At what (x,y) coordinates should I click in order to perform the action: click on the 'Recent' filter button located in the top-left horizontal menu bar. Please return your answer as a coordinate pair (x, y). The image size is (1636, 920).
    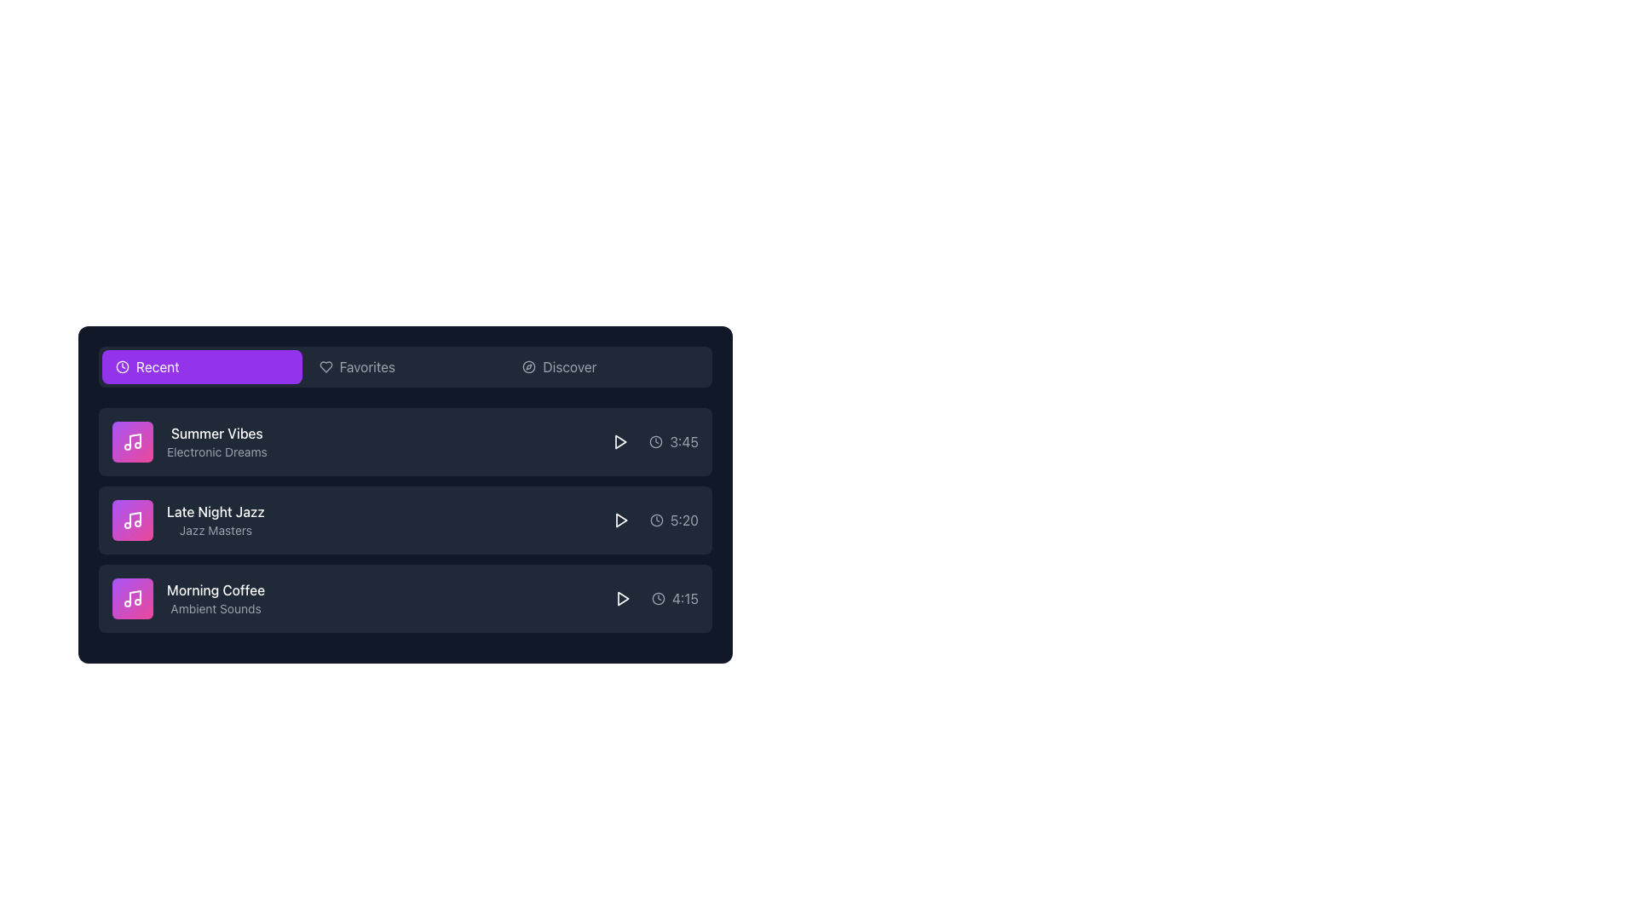
    Looking at the image, I should click on (202, 366).